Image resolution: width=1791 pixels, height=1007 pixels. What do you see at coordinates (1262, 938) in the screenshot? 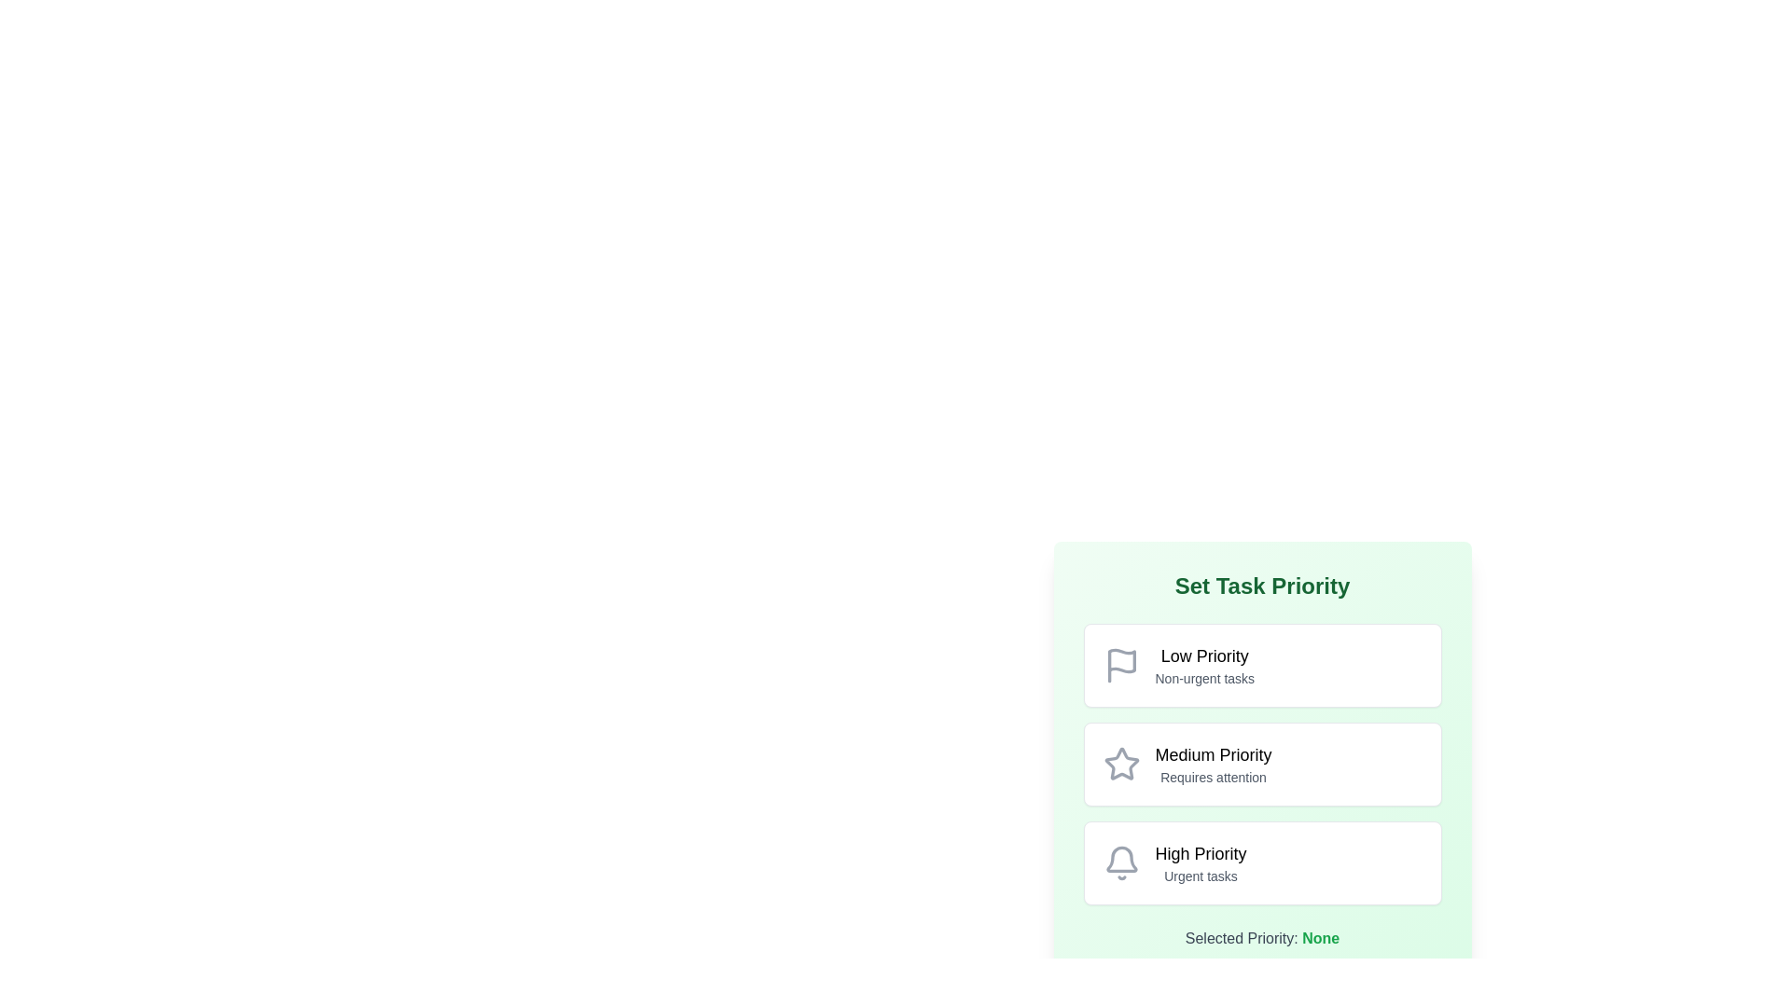
I see `the text label at the bottom of the interface that displays 'Selected Priority: None' with a green gradient background` at bounding box center [1262, 938].